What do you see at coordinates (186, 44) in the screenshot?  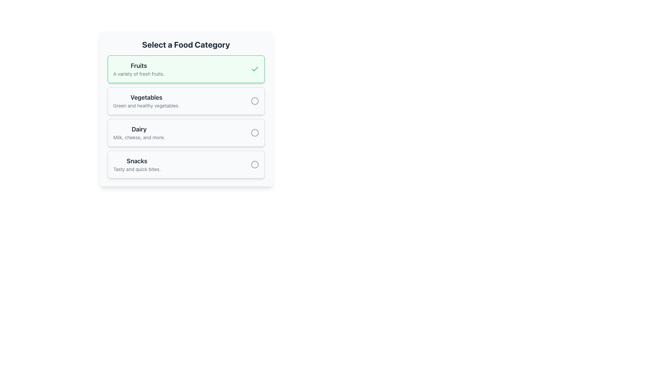 I see `the Text Label that serves as a heading for the food category selection section` at bounding box center [186, 44].